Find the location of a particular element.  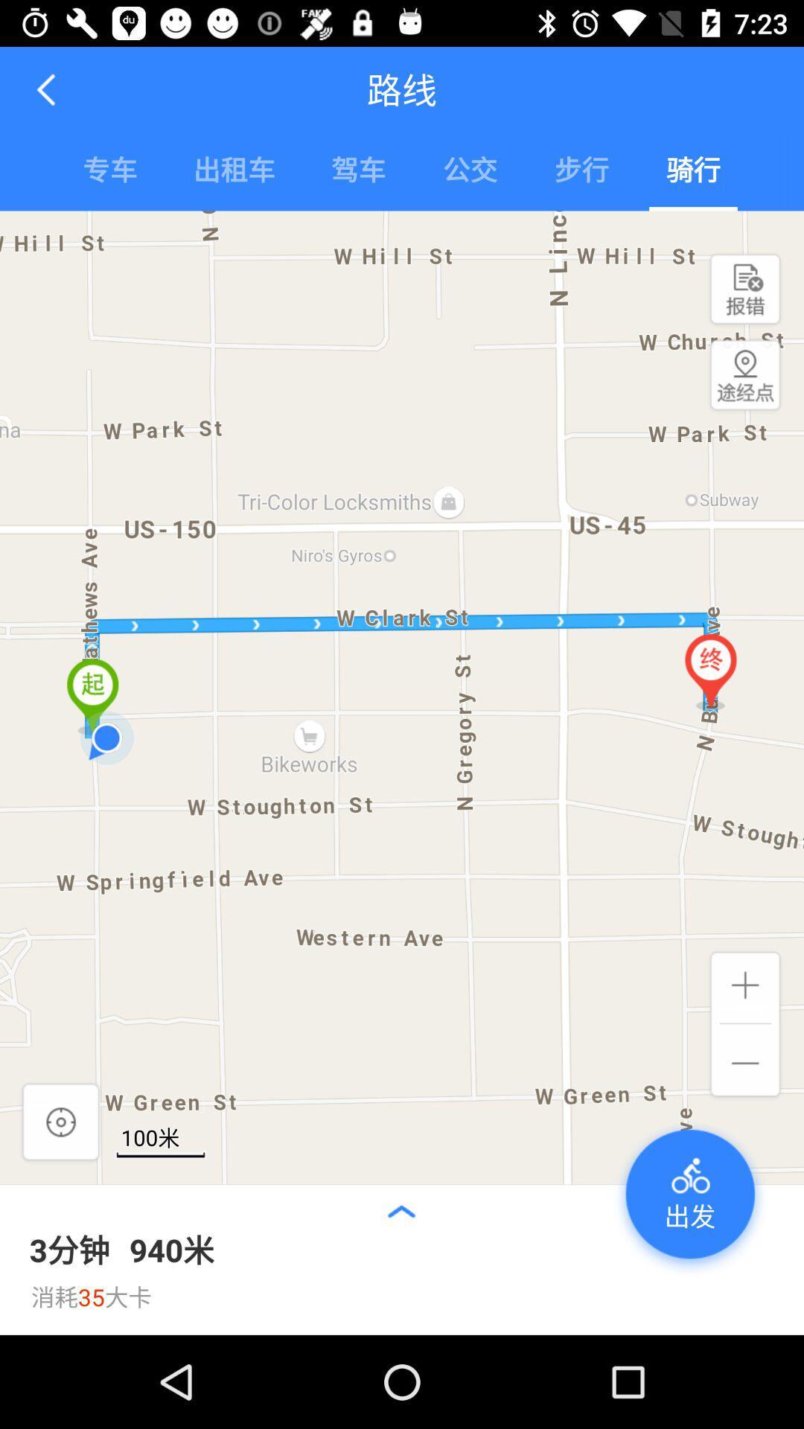

the expand_less icon is located at coordinates (401, 1211).